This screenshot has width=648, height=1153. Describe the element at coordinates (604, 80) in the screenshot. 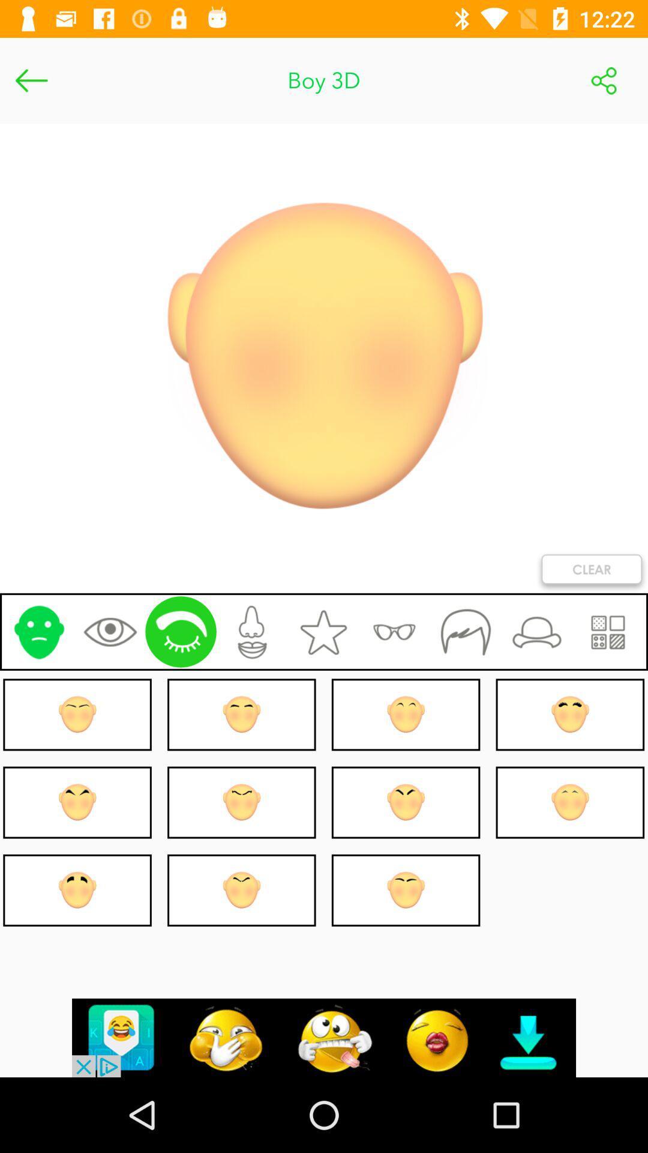

I see `share the article` at that location.